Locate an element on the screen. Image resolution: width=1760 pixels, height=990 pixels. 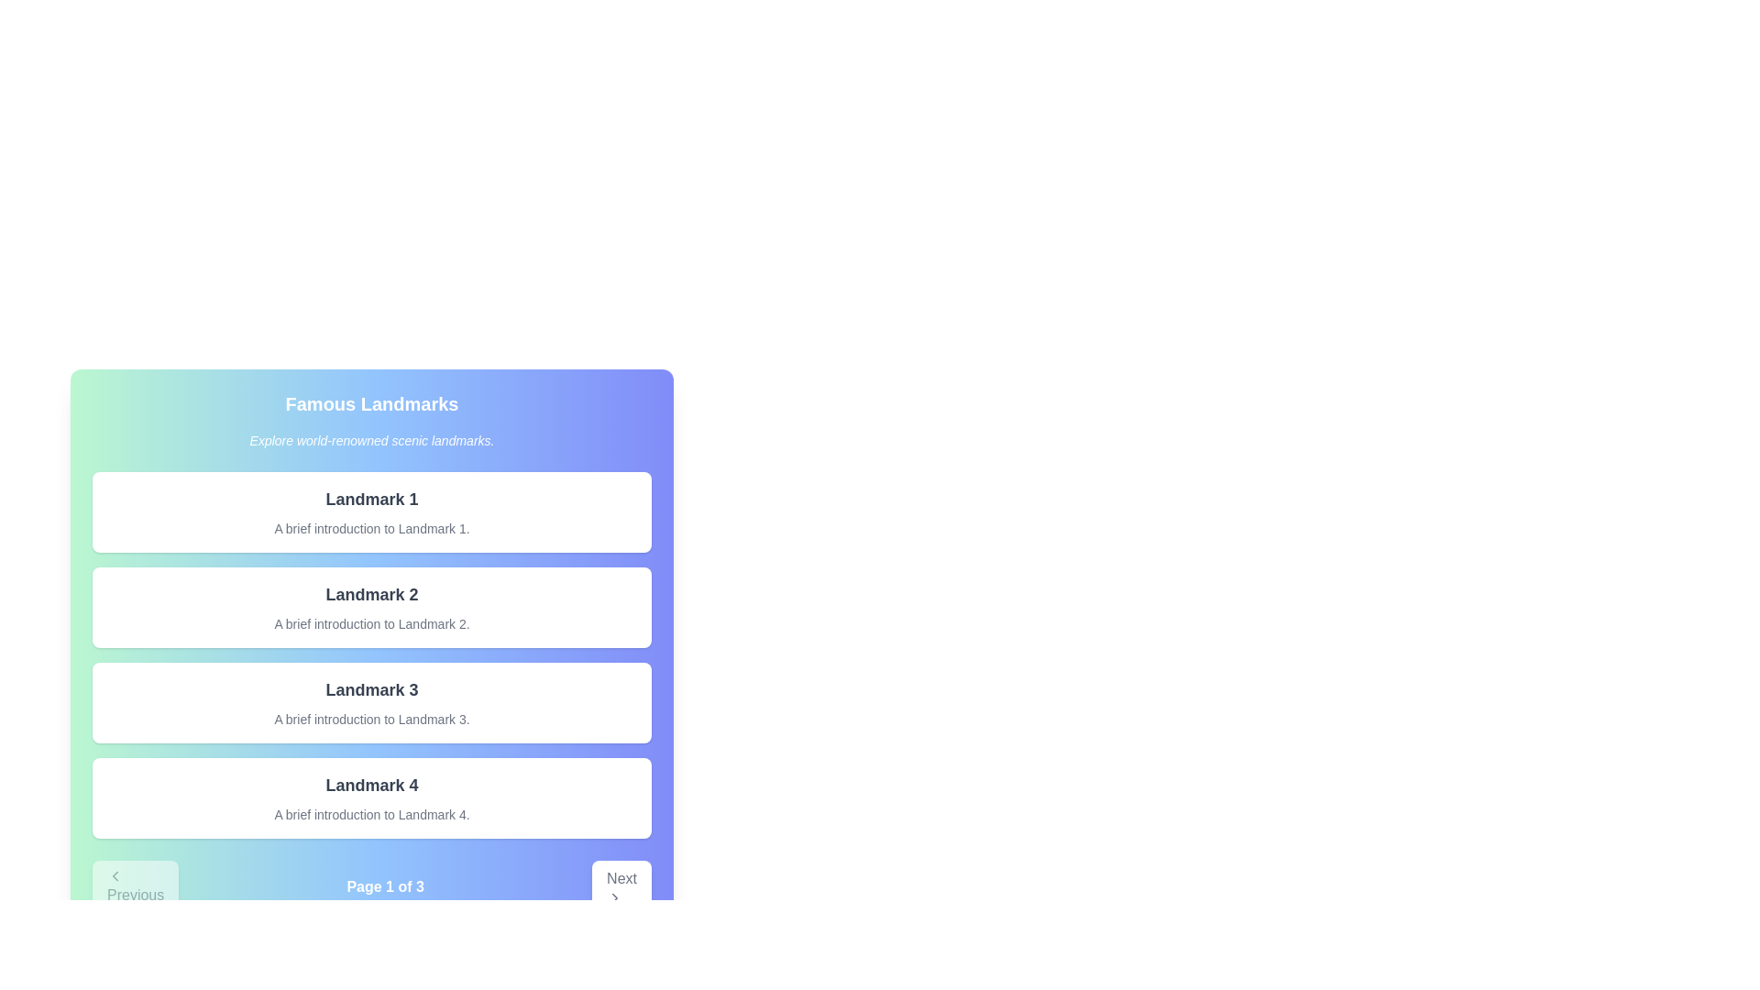
the Label that reads 'Landmark 4', which is styled in bold and larger font, located at the top of the fourth card in a vertical list is located at coordinates (371, 784).